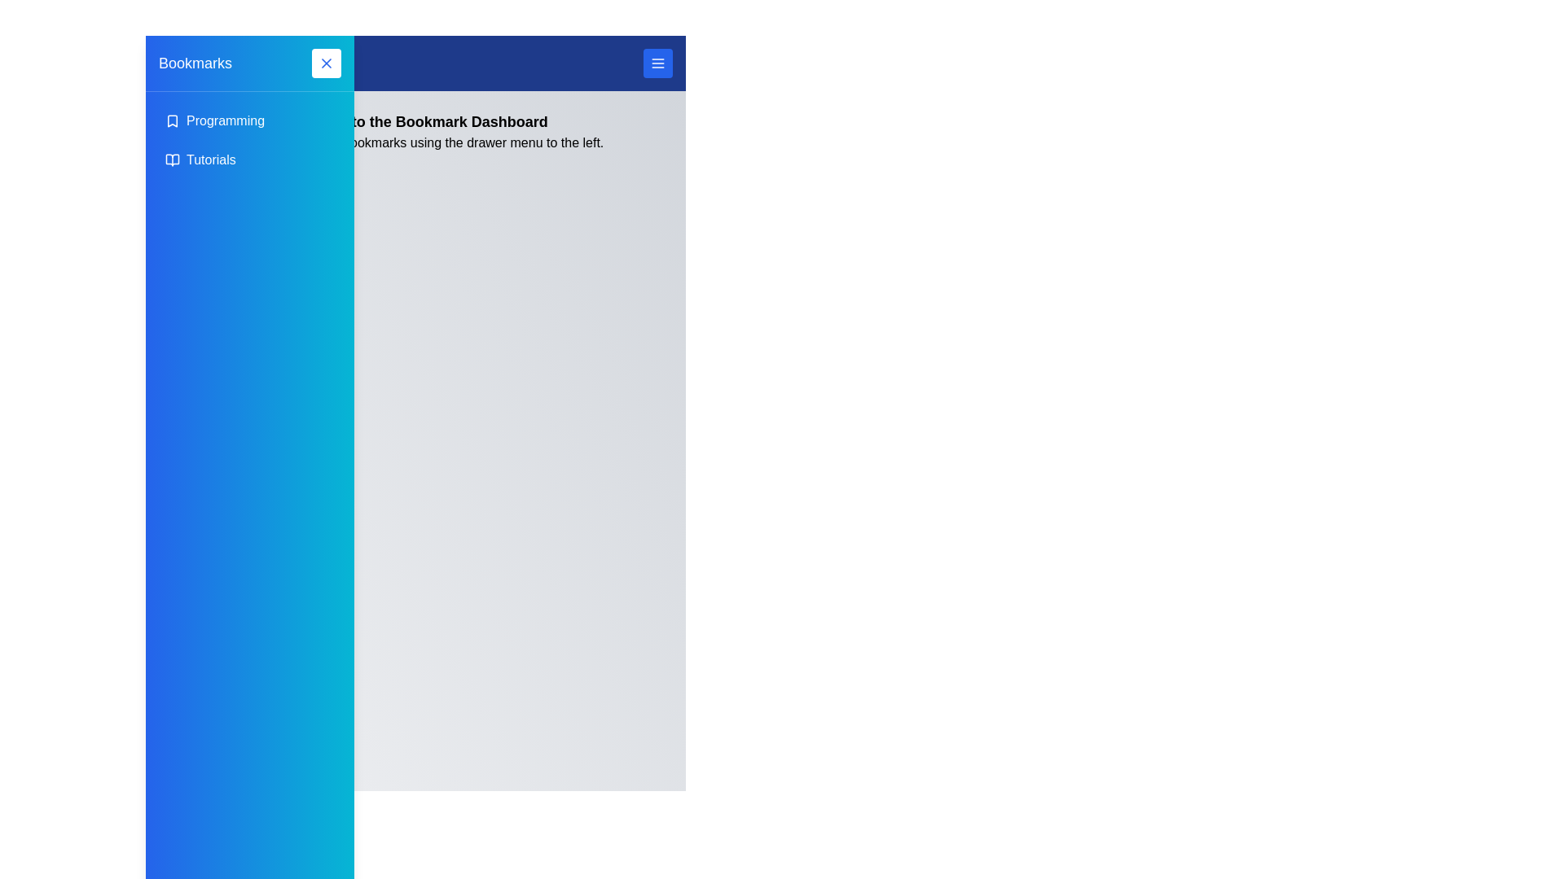 The width and height of the screenshot is (1564, 879). I want to click on the menu toggle button located in the top-right corner of the application interface, so click(657, 62).